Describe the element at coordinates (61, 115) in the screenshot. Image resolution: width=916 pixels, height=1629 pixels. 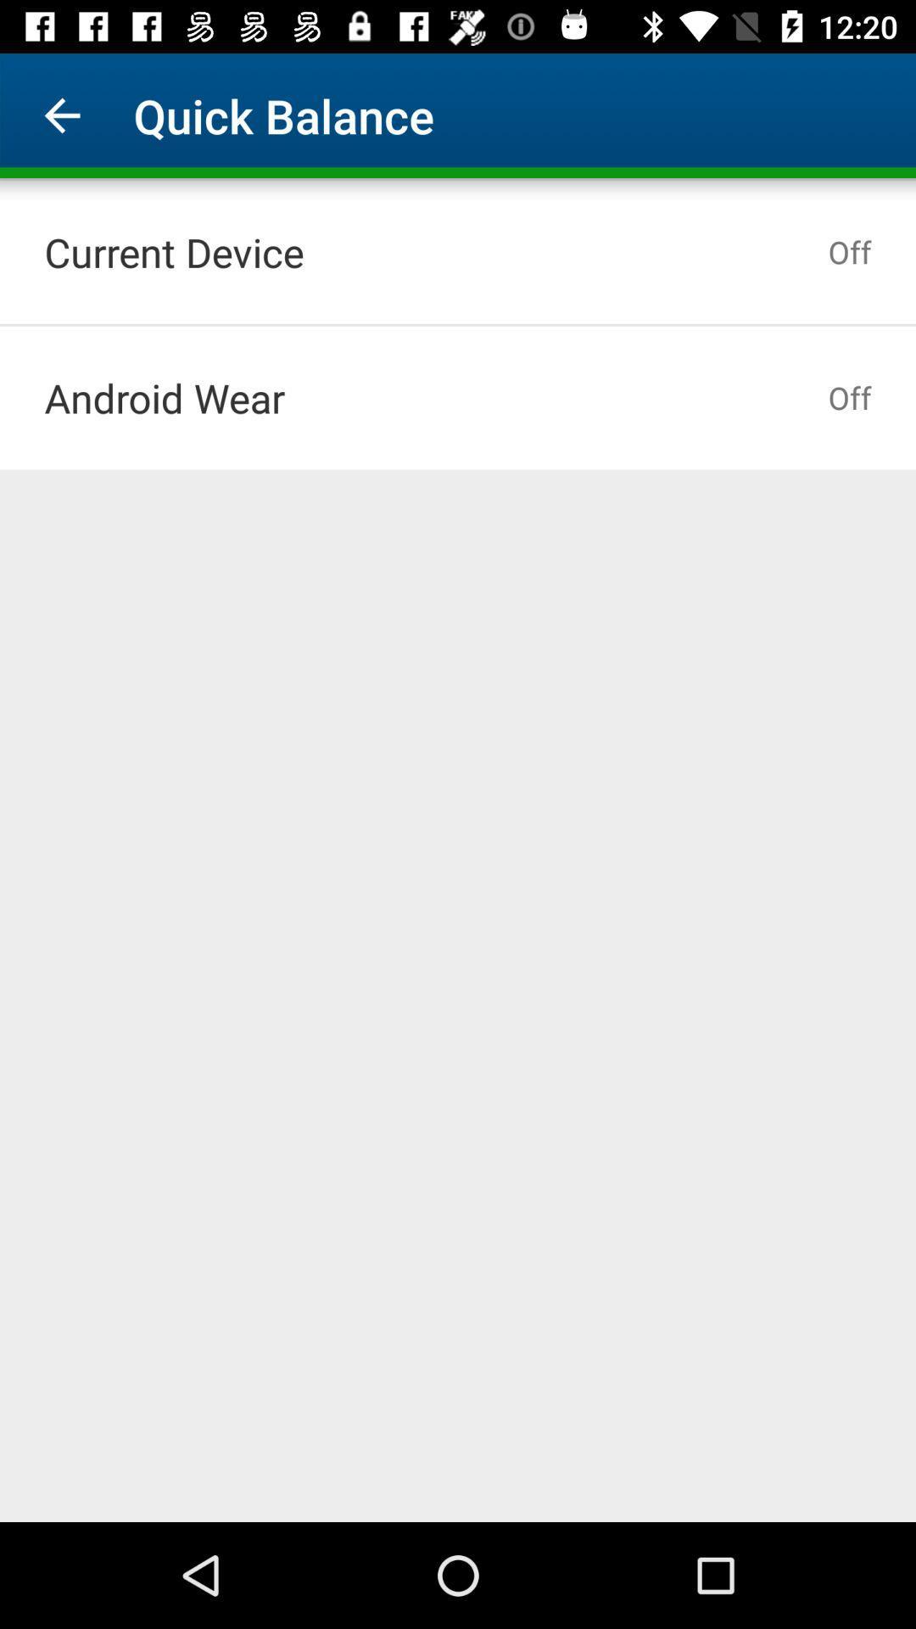
I see `the app next to quick balance app` at that location.